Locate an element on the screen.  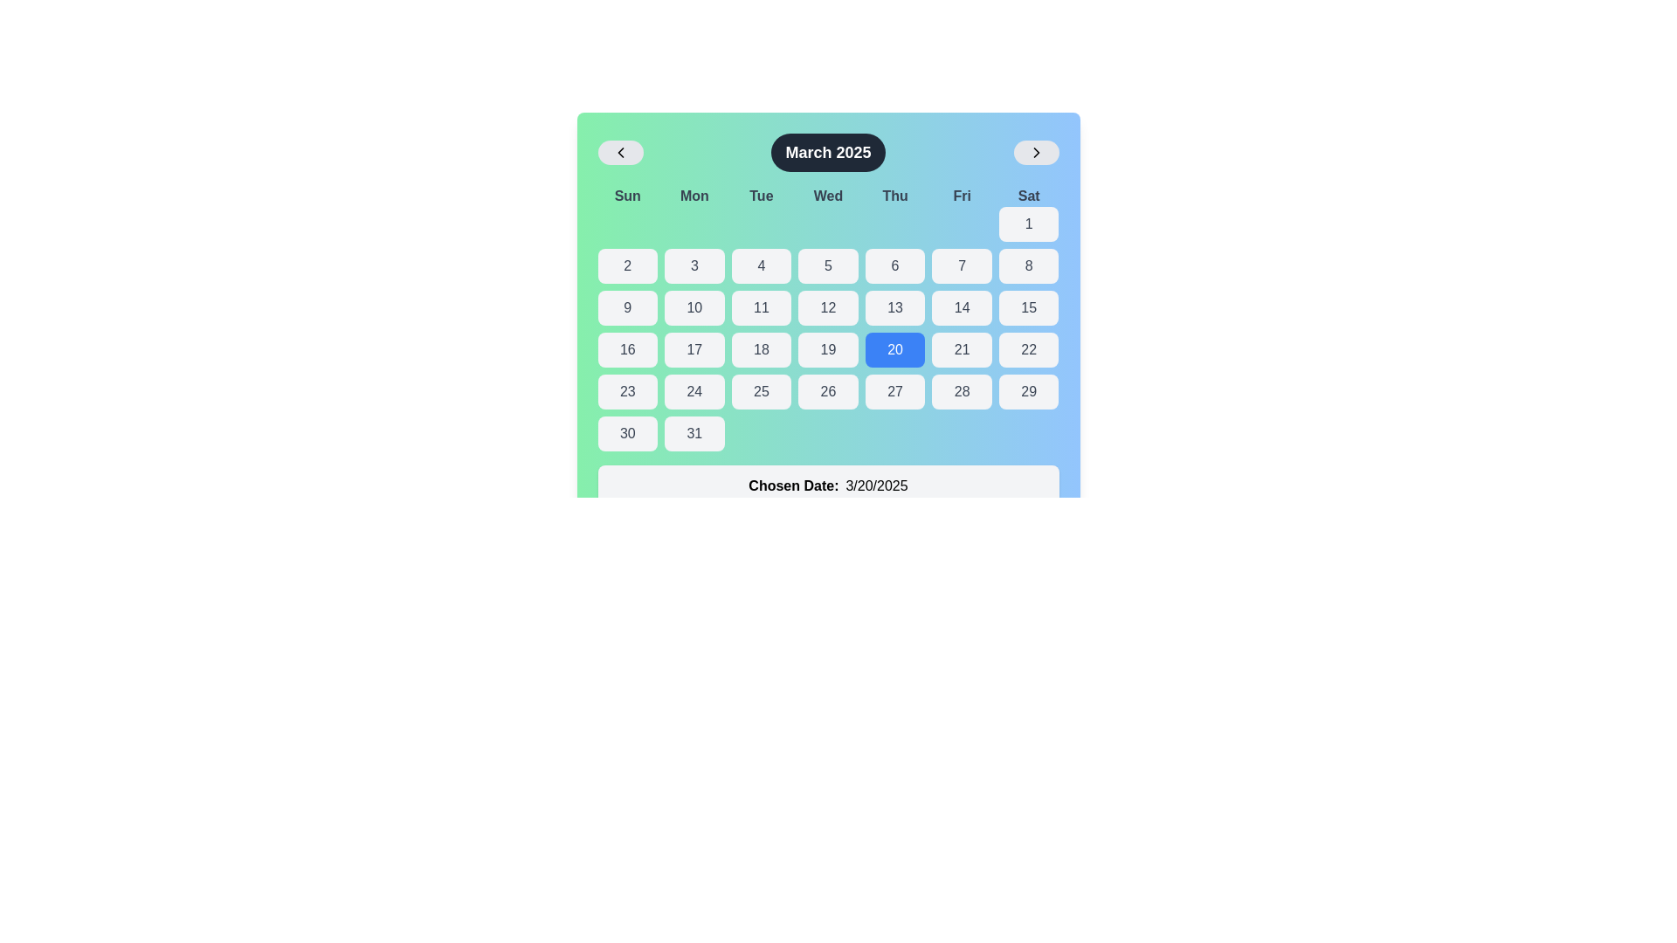
the button representing the 25th of the month in the calendar interface is located at coordinates (761, 390).